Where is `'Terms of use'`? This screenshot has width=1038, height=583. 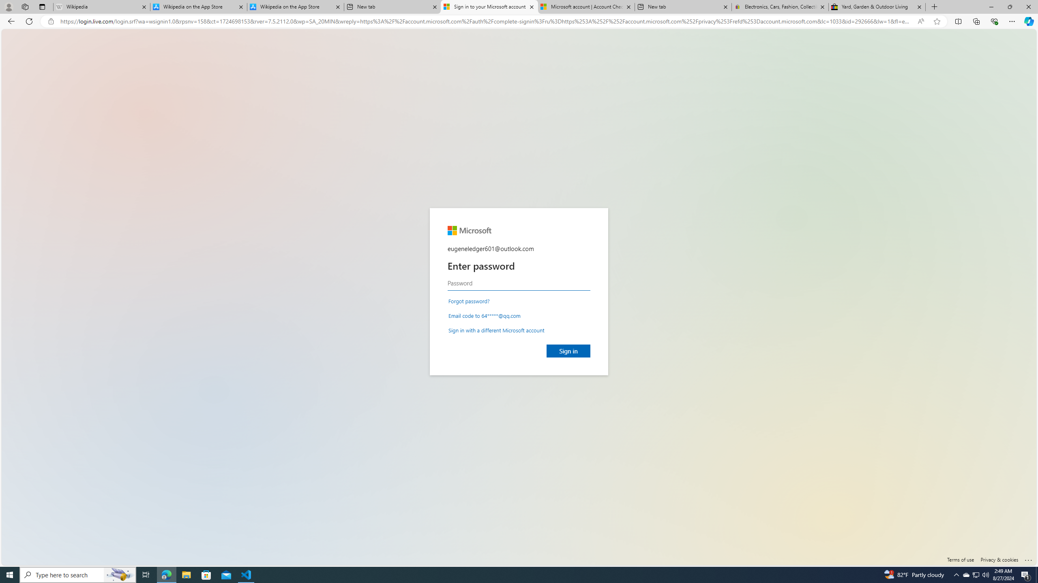
'Terms of use' is located at coordinates (960, 559).